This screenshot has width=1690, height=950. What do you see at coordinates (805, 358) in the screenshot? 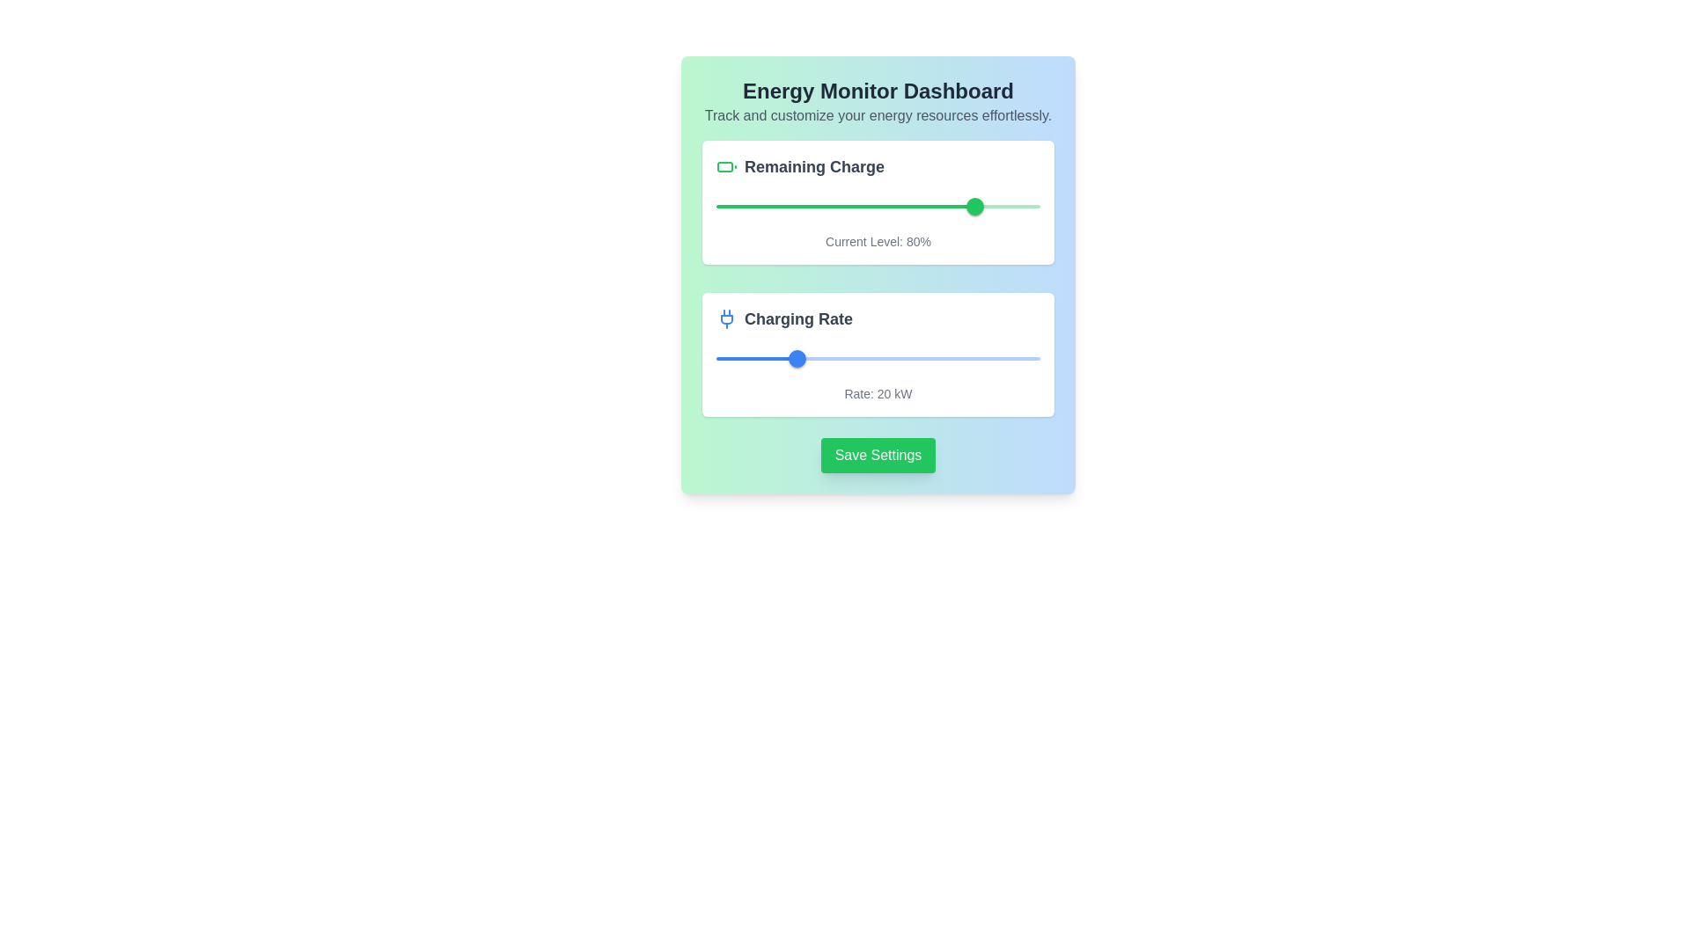
I see `the charging rate` at bounding box center [805, 358].